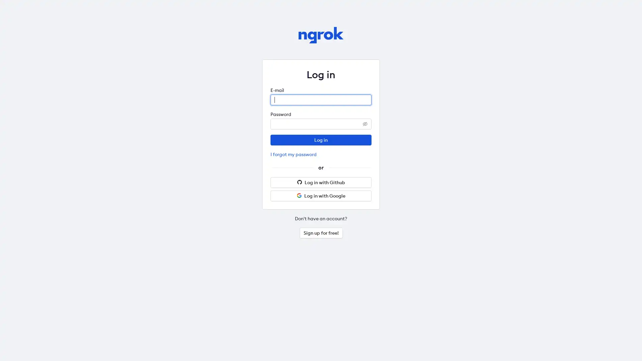 The width and height of the screenshot is (642, 361). Describe the element at coordinates (321, 139) in the screenshot. I see `Log in` at that location.